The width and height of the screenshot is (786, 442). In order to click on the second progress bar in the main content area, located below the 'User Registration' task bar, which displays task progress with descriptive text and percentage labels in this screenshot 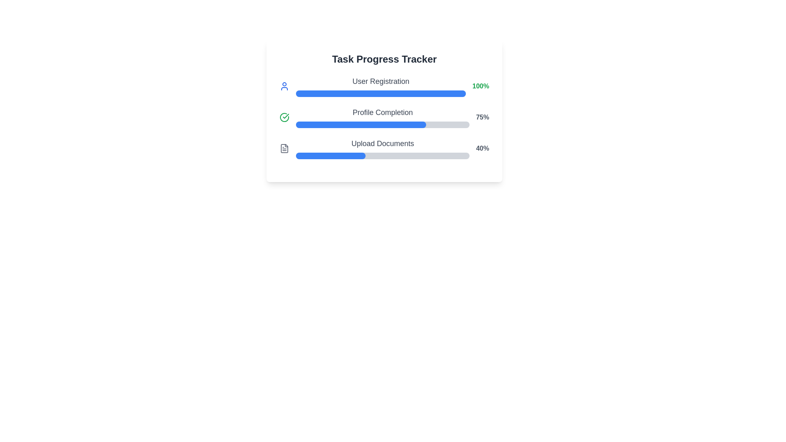, I will do `click(384, 117)`.